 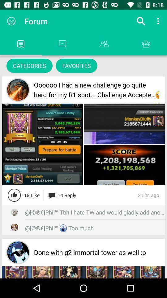 What do you see at coordinates (29, 65) in the screenshot?
I see `categories` at bounding box center [29, 65].